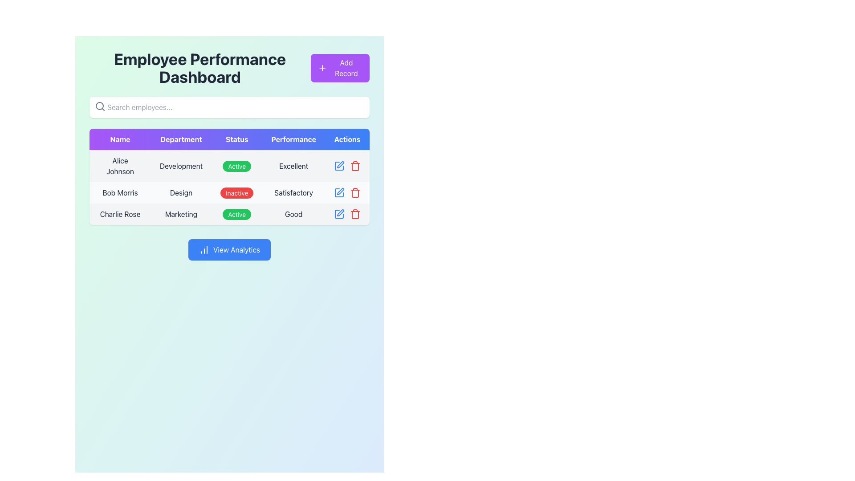 This screenshot has width=855, height=481. I want to click on the Status Indicator Badge for employee 'Charlie Rose' in the 'Marketing' department, which indicates the current state as 'Active', so click(237, 214).